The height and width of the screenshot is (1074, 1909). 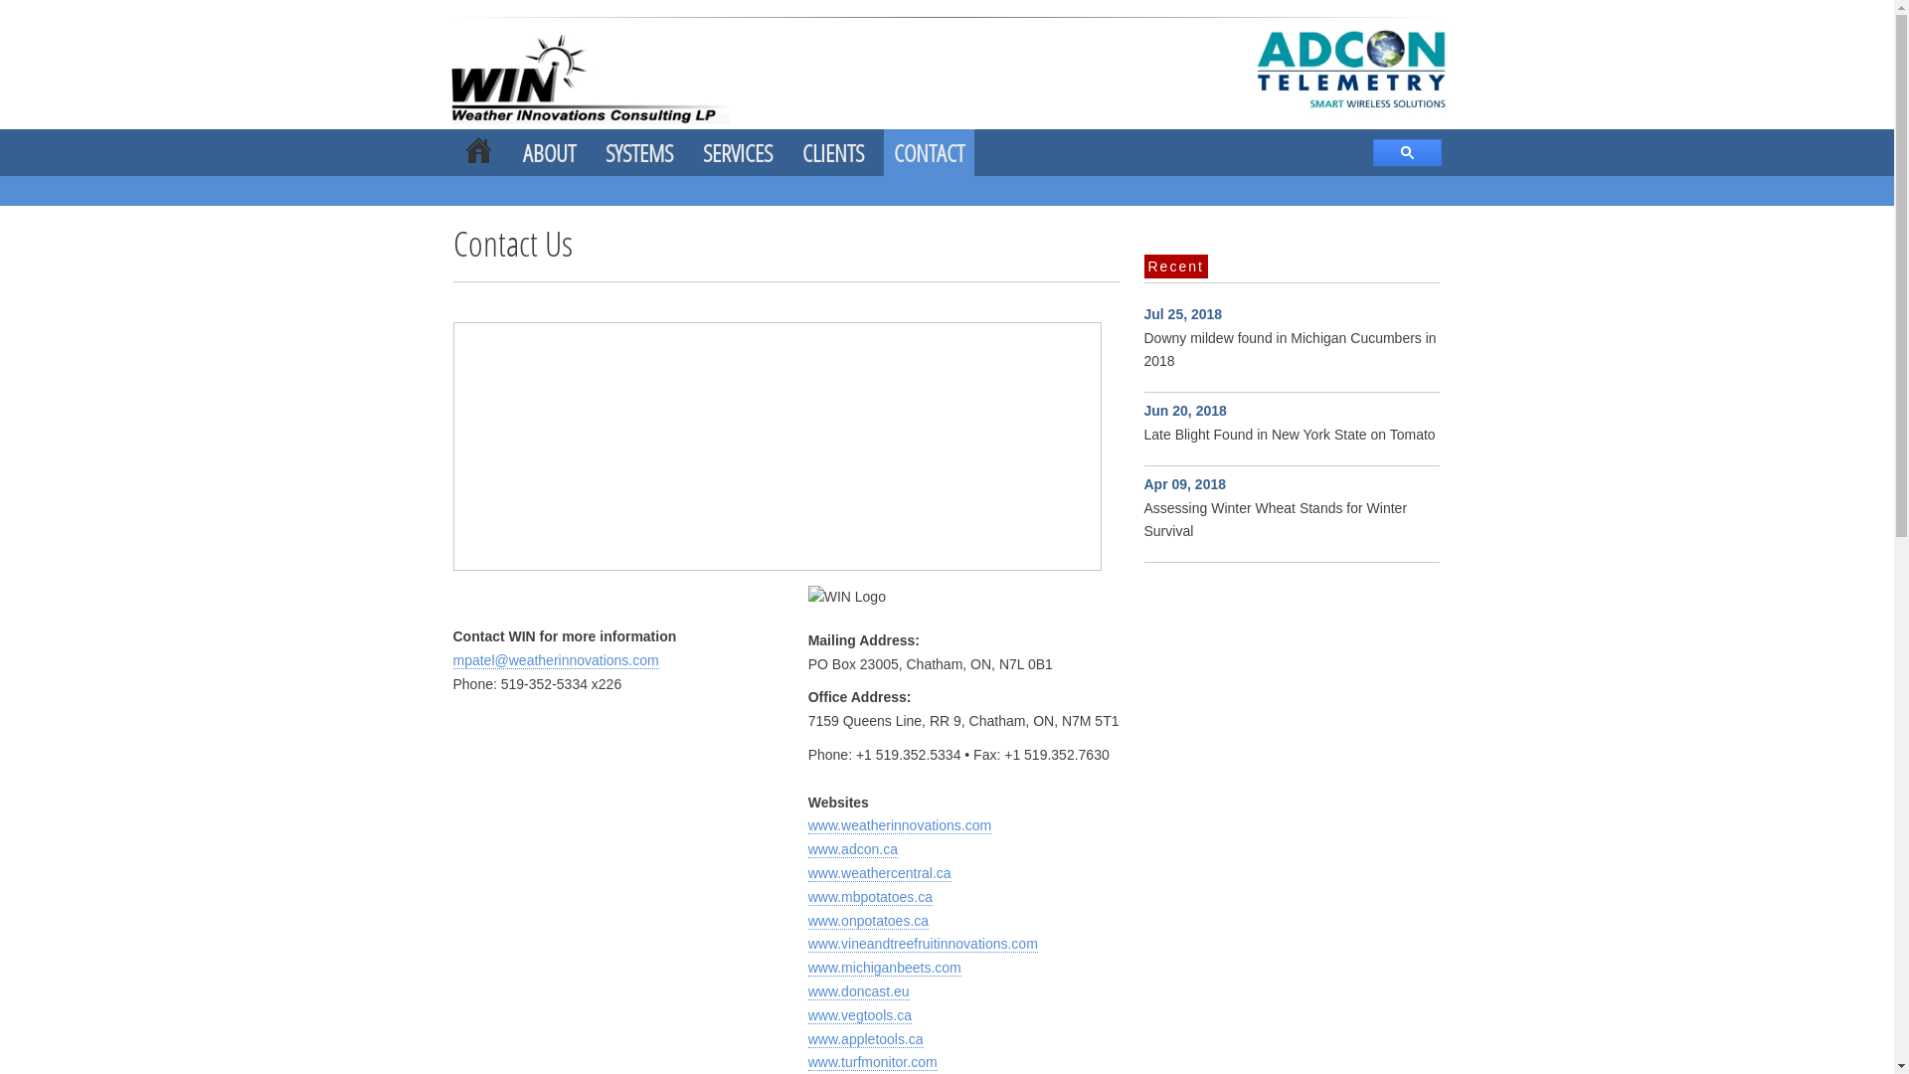 What do you see at coordinates (873, 1061) in the screenshot?
I see `'www.turfmonitor.com'` at bounding box center [873, 1061].